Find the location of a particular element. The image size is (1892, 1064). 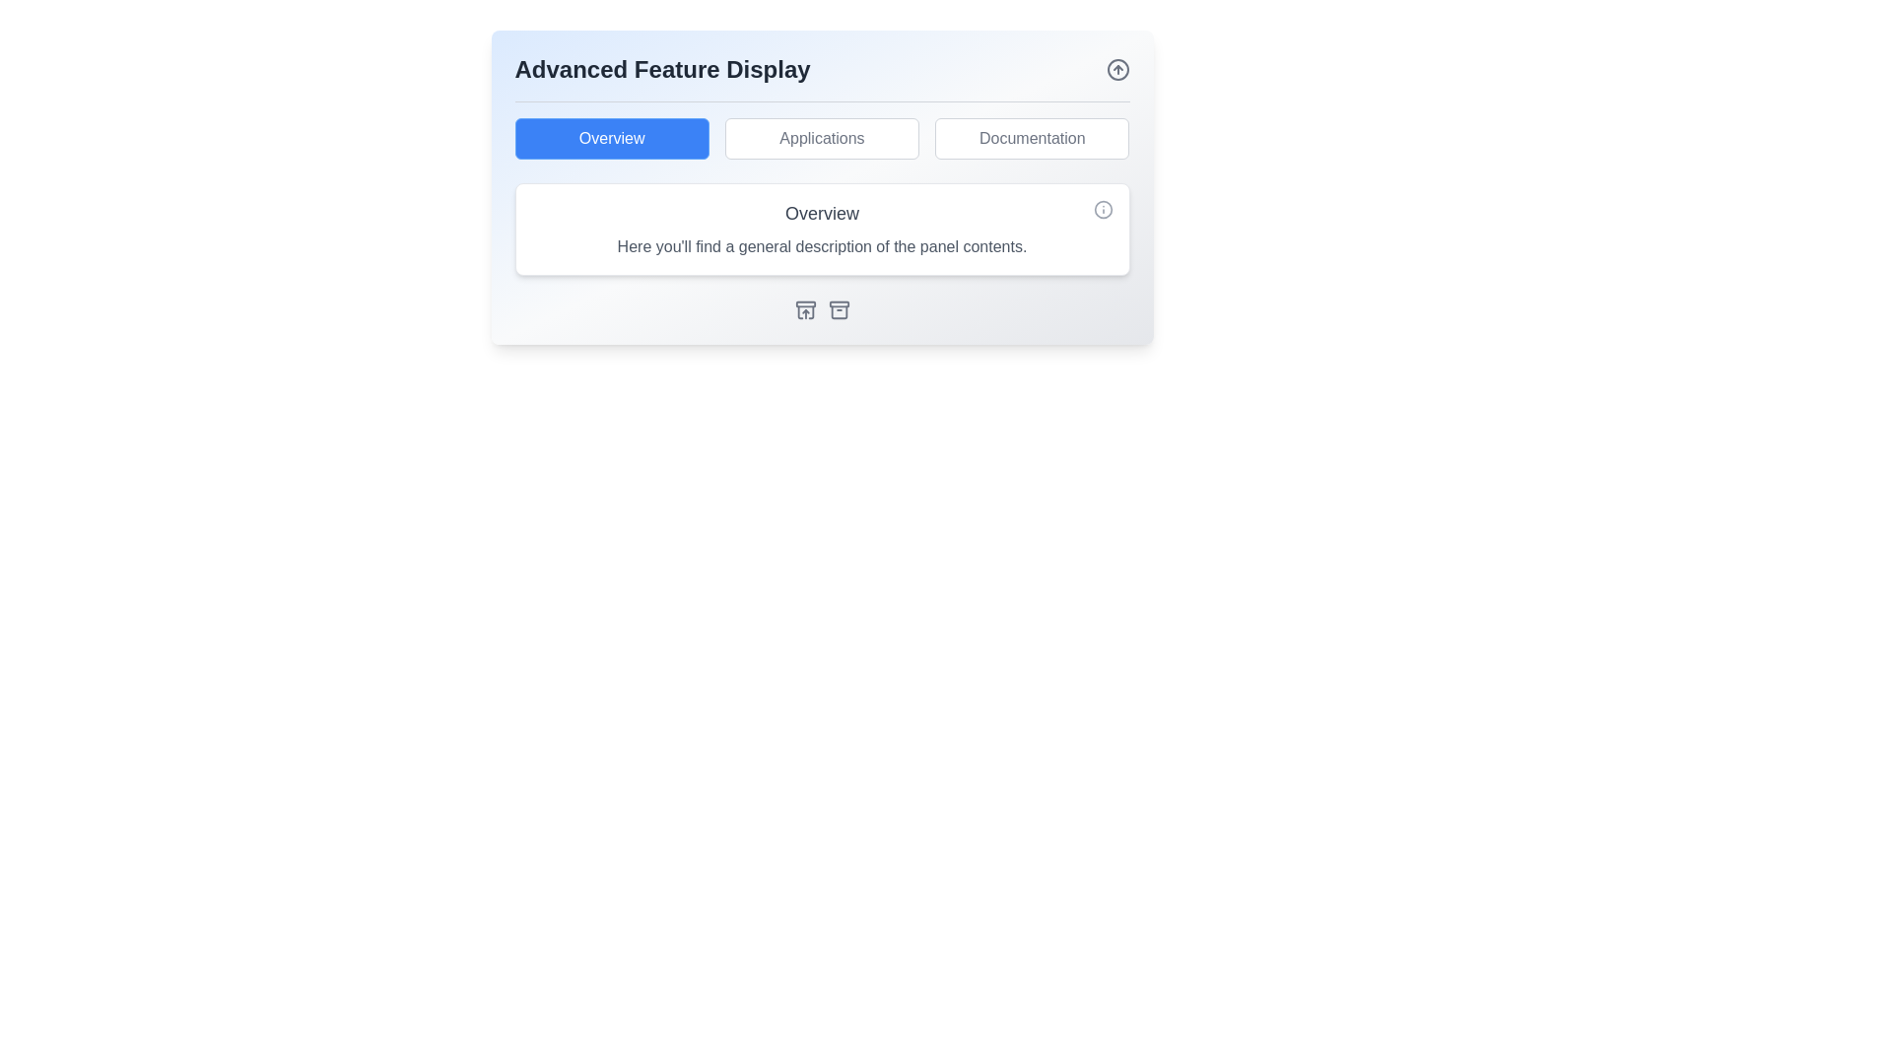

the informational icon represented by a circular shape with the letter 'i' located in the upper-right corner of the white card labeled 'Overview' is located at coordinates (1102, 209).